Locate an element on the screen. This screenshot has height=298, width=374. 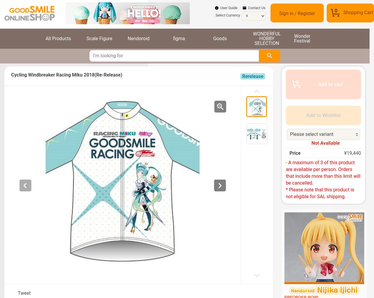
'SELECTION' is located at coordinates (254, 43).